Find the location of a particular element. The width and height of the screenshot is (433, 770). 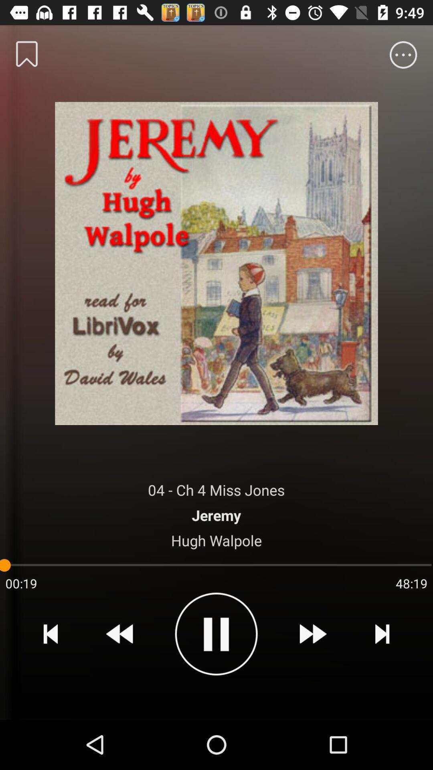

item above the hugh walpole is located at coordinates (216, 515).